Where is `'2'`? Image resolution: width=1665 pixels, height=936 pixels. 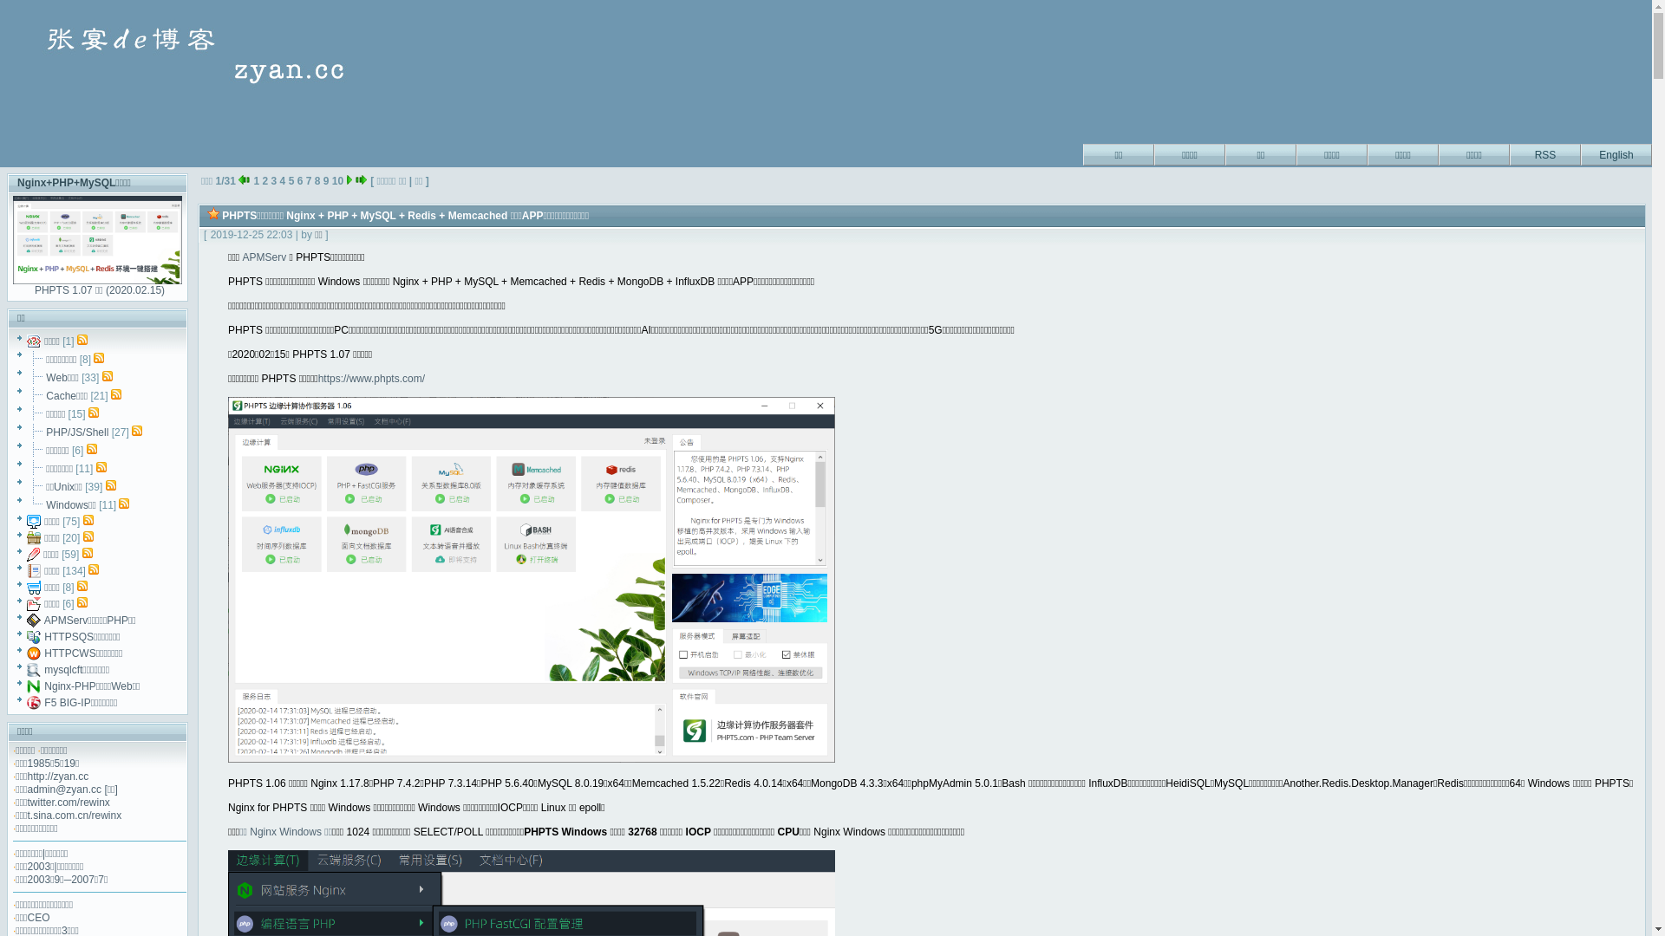 '2' is located at coordinates (264, 180).